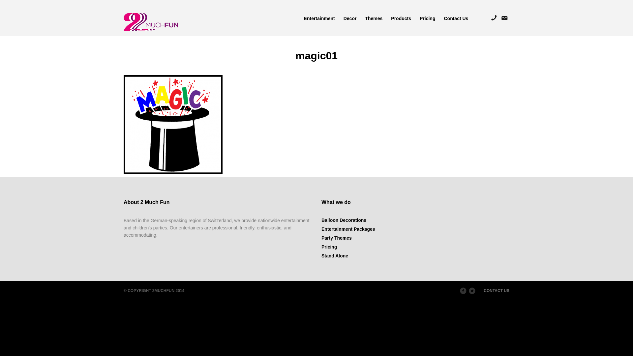 The image size is (633, 356). Describe the element at coordinates (497, 290) in the screenshot. I see `'CONTACT US'` at that location.